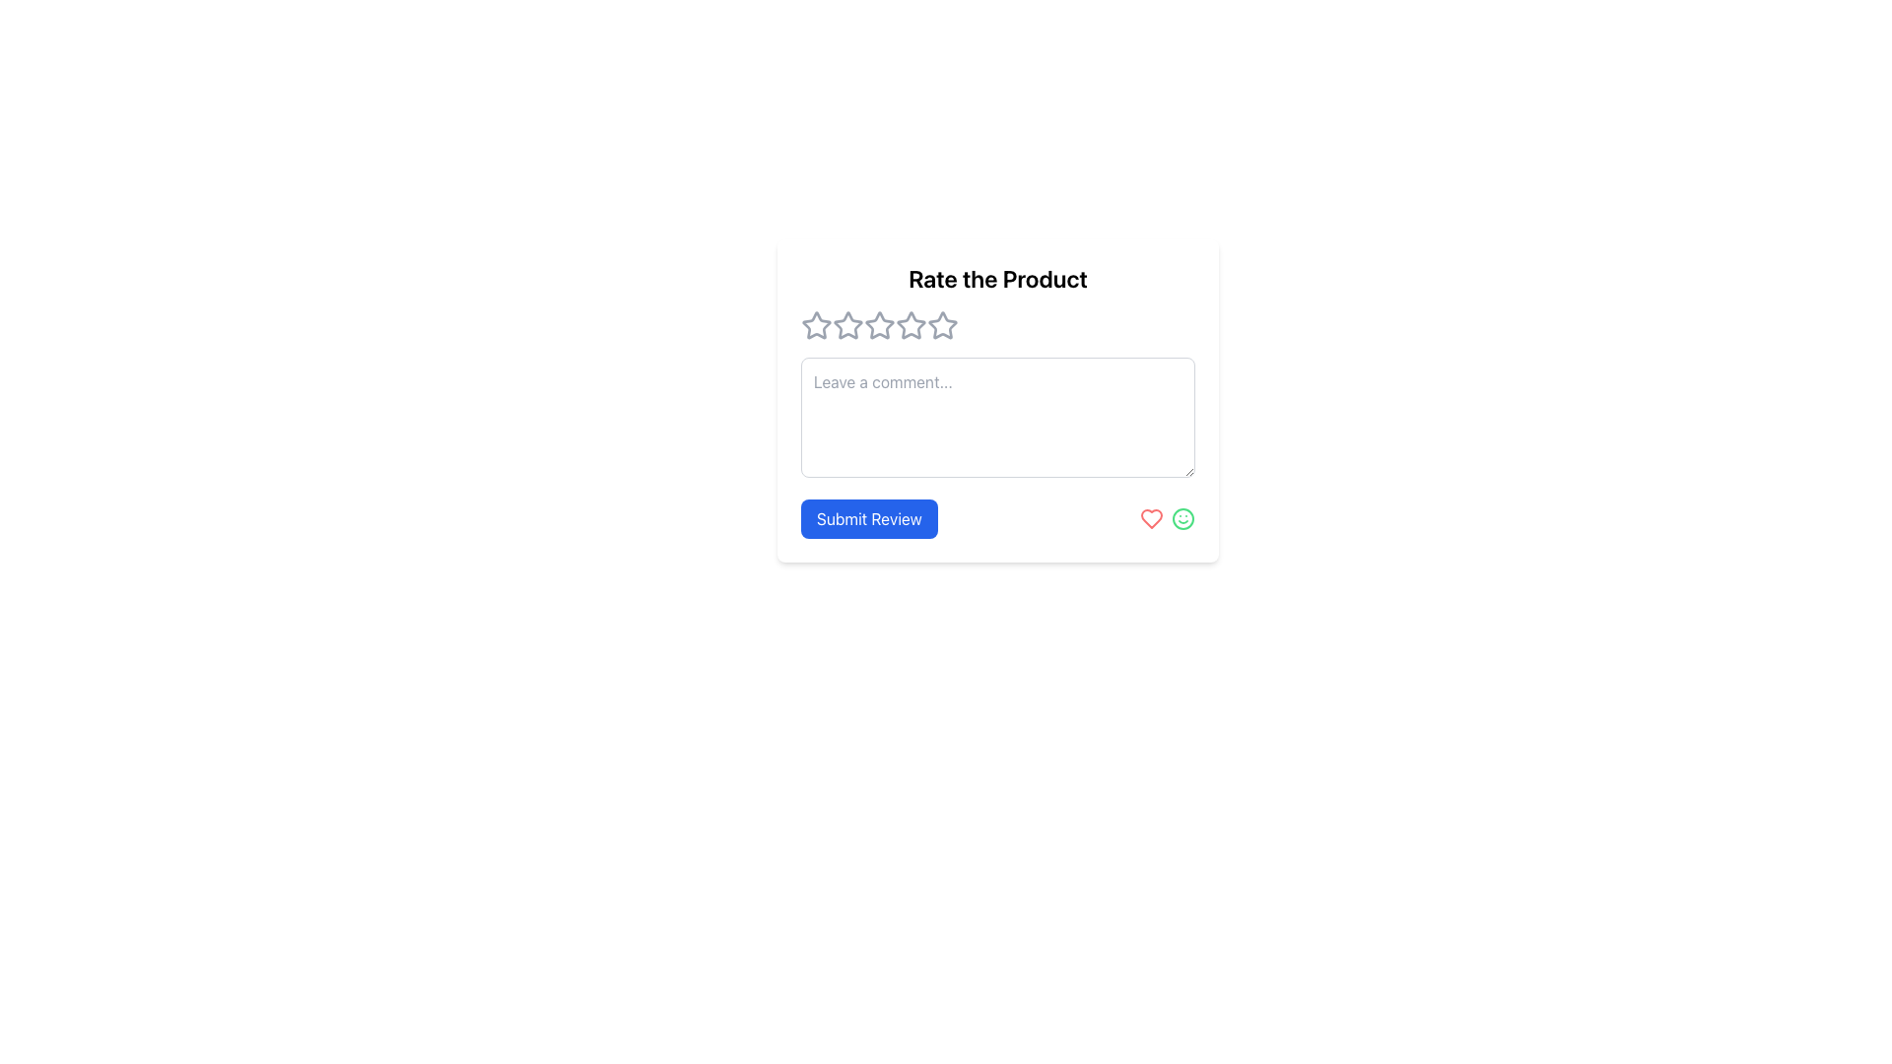 This screenshot has width=1892, height=1064. What do you see at coordinates (911, 324) in the screenshot?
I see `the second star icon in the rating system located between the 'Rate the Product' heading and the comment input field` at bounding box center [911, 324].